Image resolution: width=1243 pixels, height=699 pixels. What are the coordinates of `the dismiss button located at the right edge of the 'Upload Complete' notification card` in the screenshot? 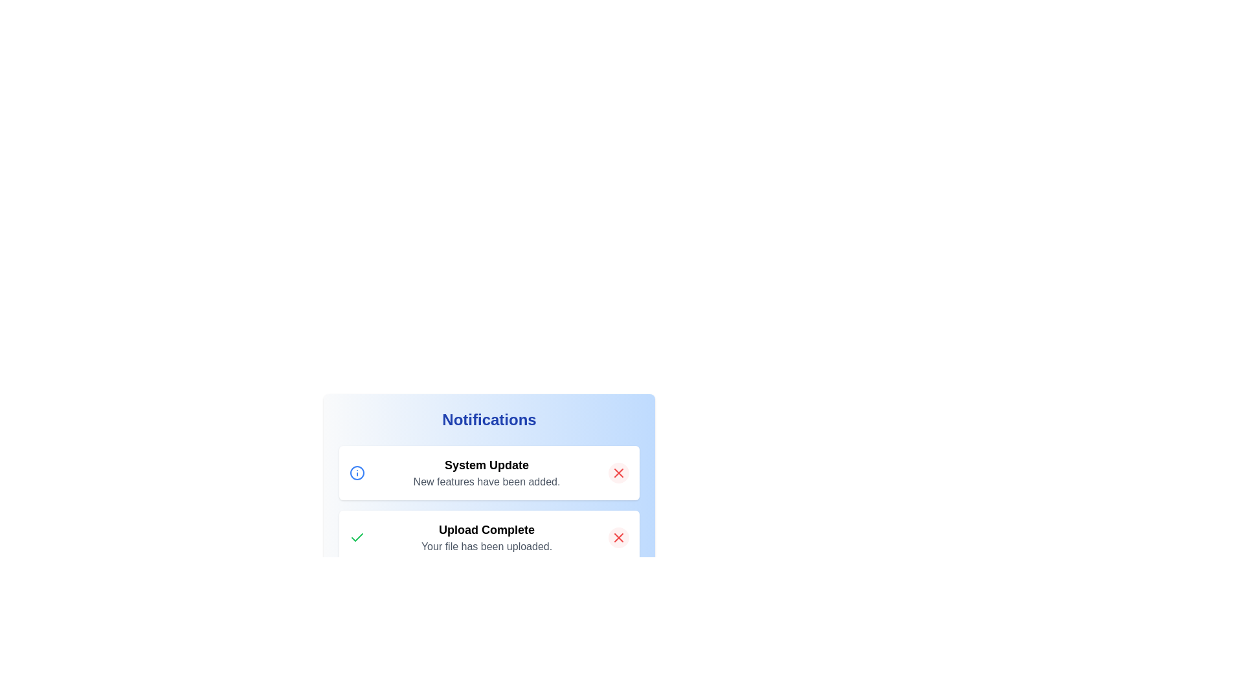 It's located at (618, 537).